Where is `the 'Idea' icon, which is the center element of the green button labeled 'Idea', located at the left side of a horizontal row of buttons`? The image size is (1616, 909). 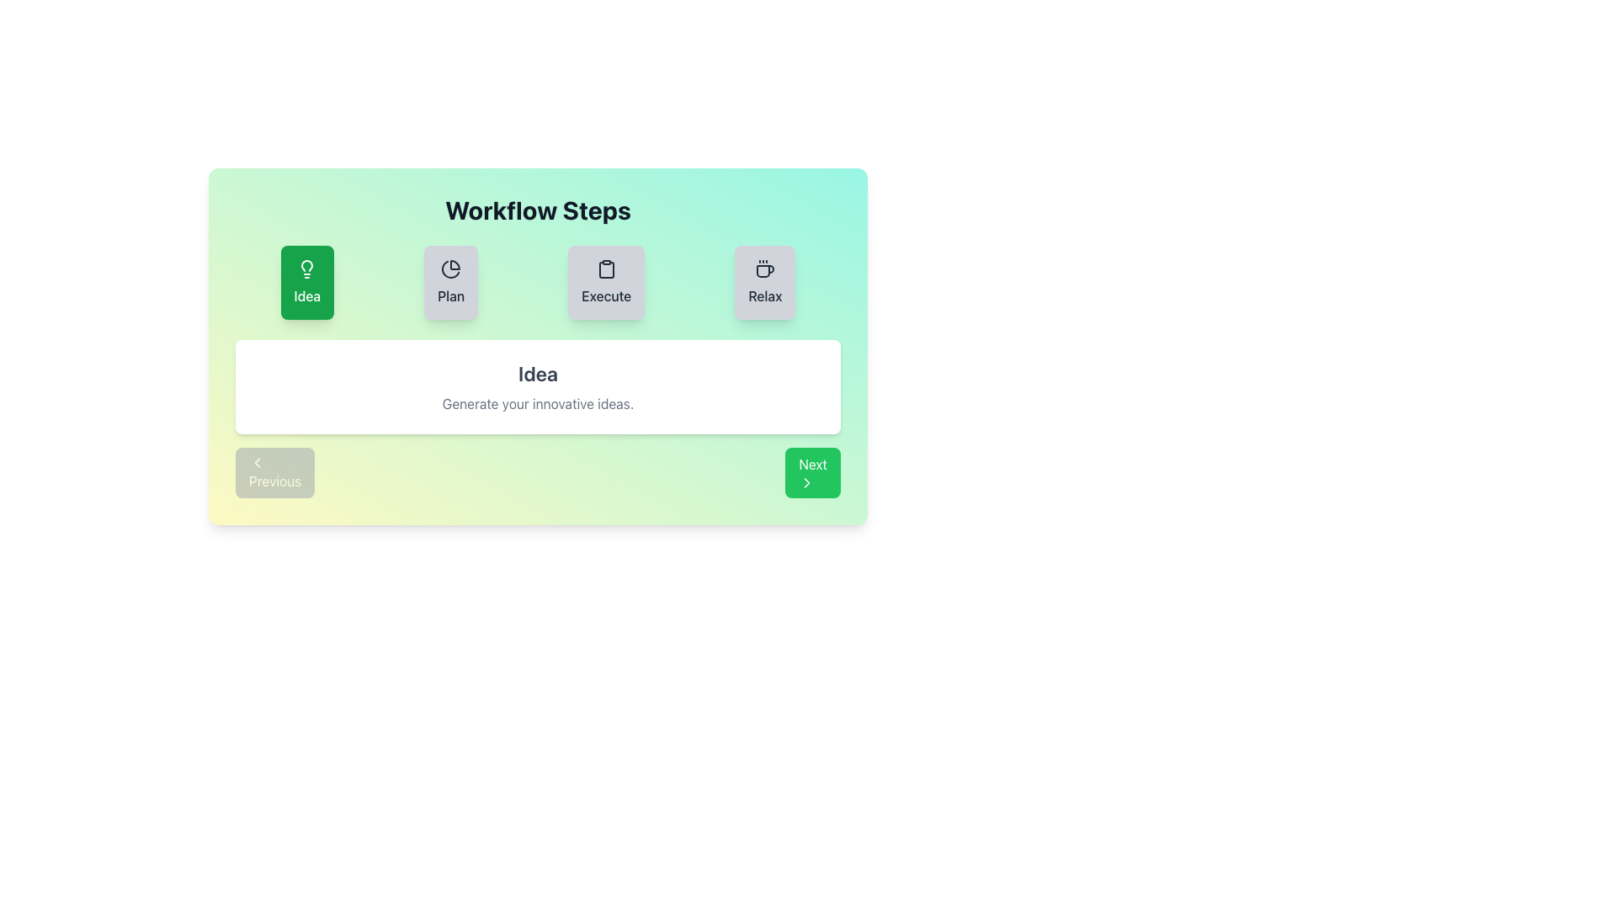
the 'Idea' icon, which is the center element of the green button labeled 'Idea', located at the left side of a horizontal row of buttons is located at coordinates (307, 268).